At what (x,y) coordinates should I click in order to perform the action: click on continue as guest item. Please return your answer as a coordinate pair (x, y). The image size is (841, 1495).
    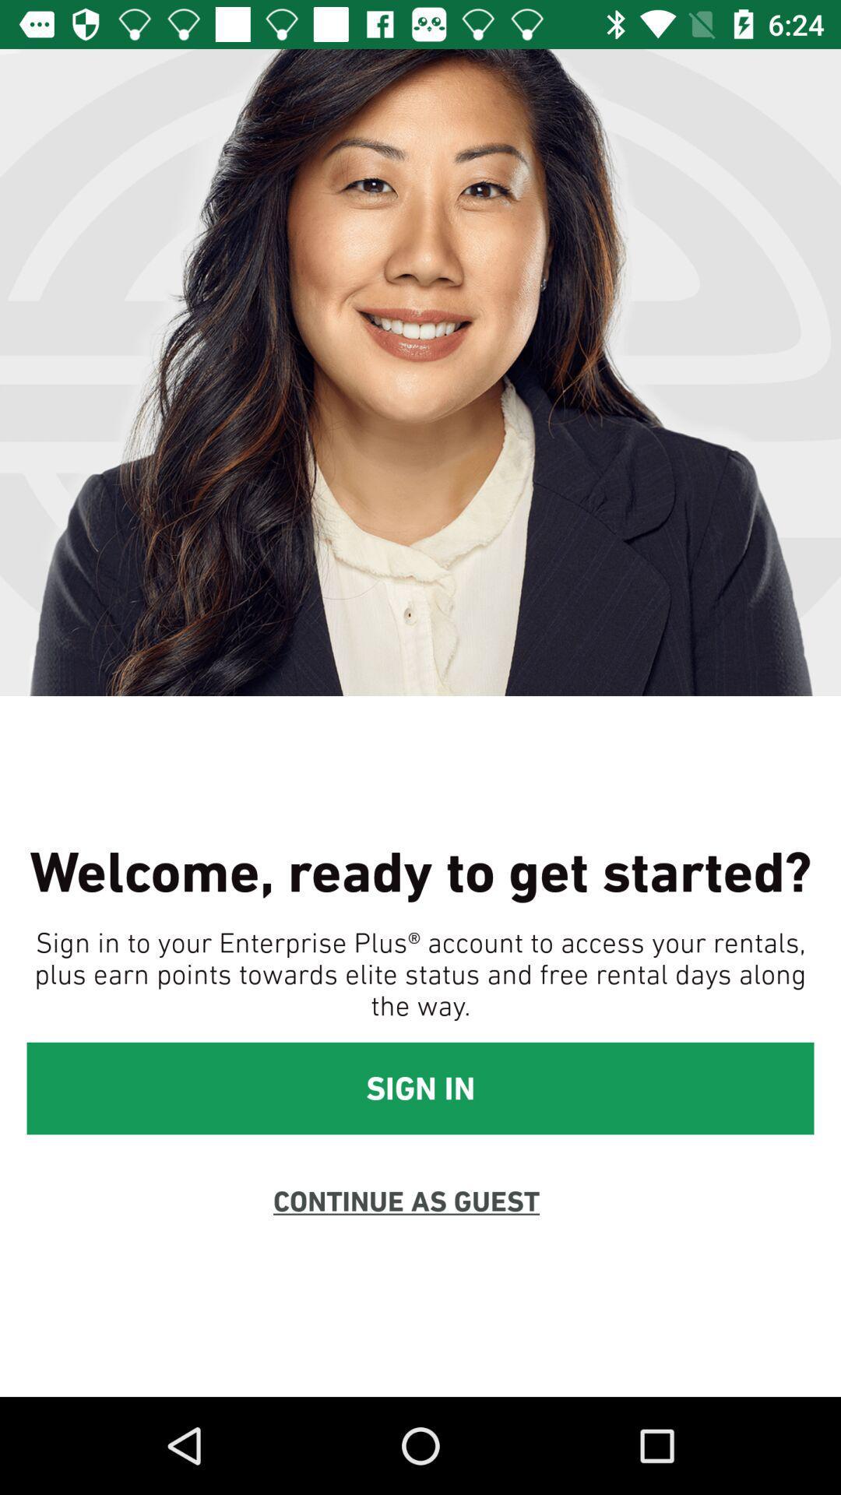
    Looking at the image, I should click on (405, 1200).